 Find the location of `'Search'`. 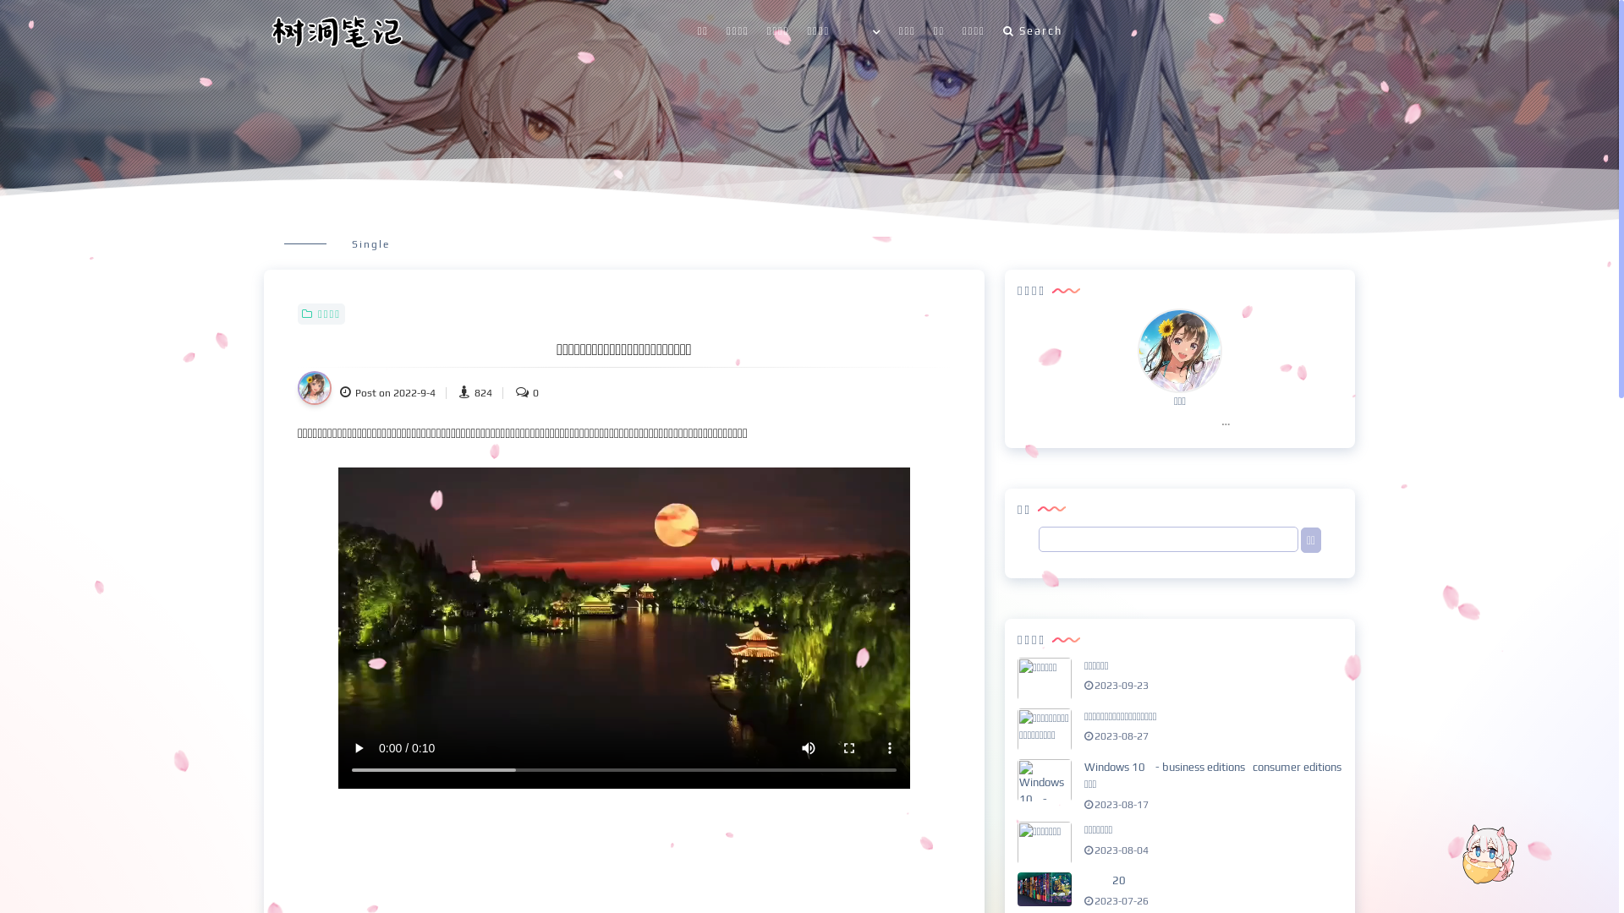

'Search' is located at coordinates (1031, 31).